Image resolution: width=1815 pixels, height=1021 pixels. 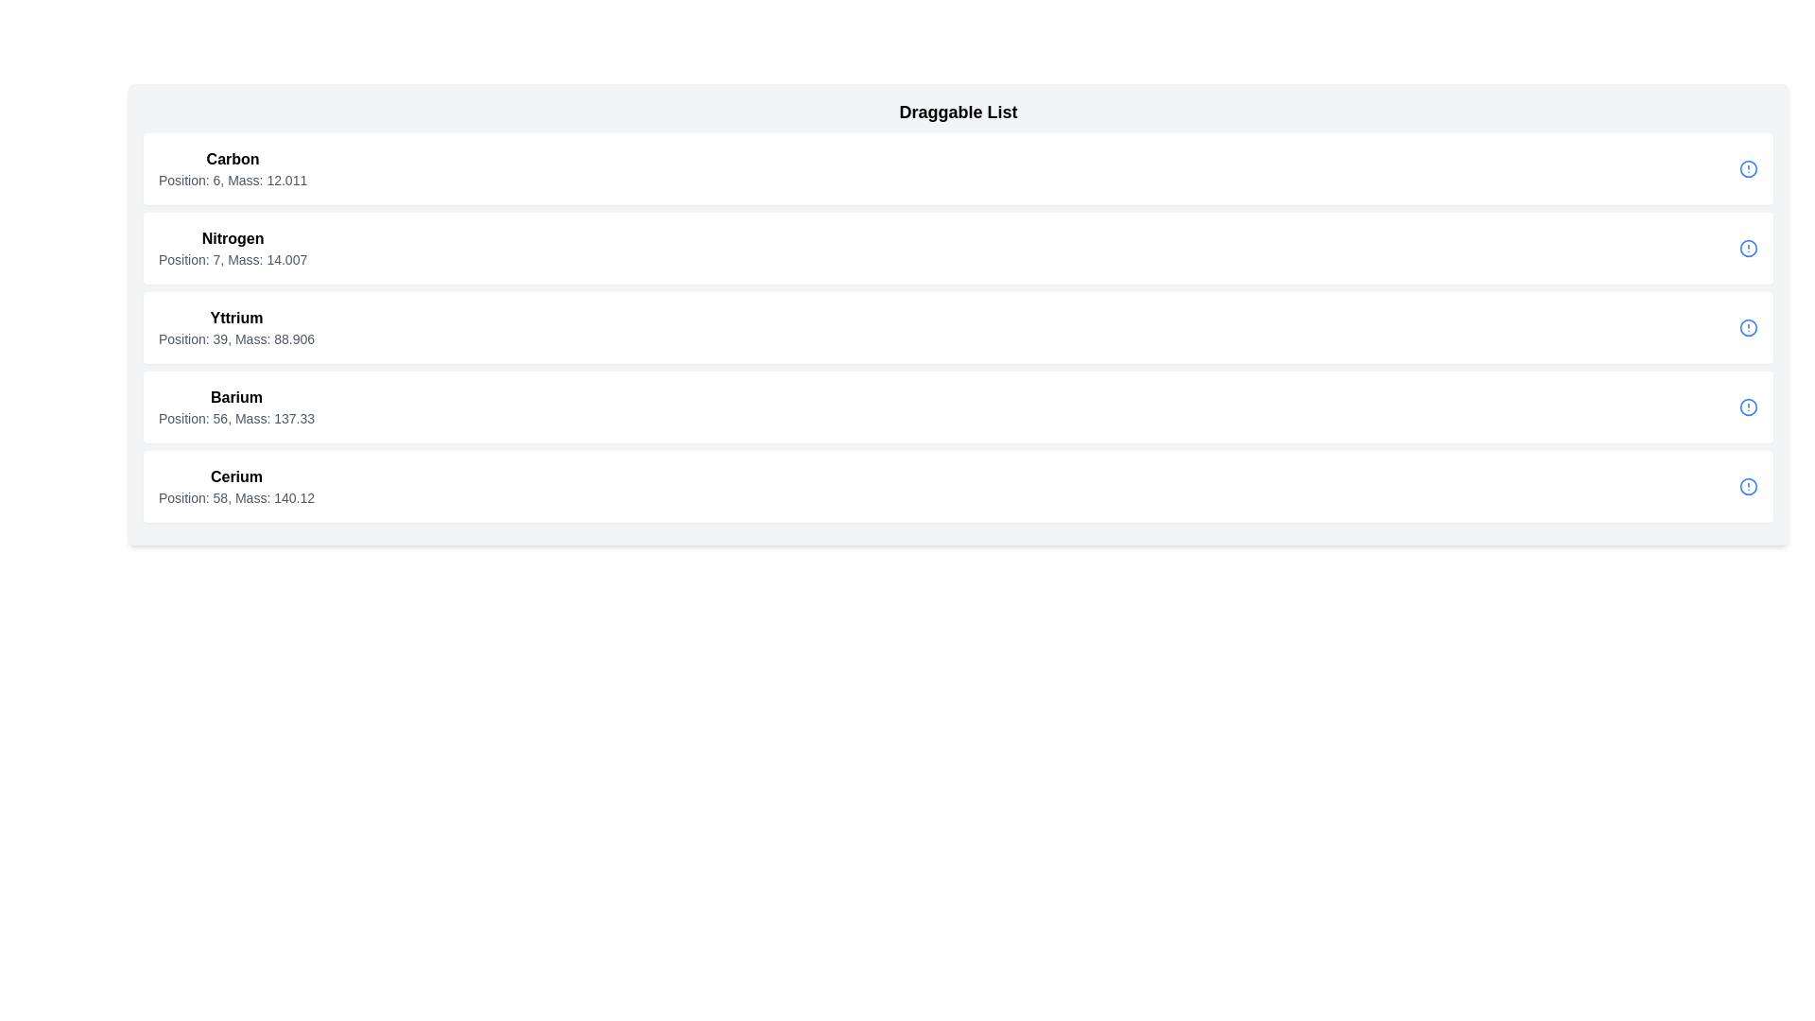 I want to click on text displayed for 'Cerium', which includes its position and mass, located in the fifth row of the list, so click(x=235, y=486).